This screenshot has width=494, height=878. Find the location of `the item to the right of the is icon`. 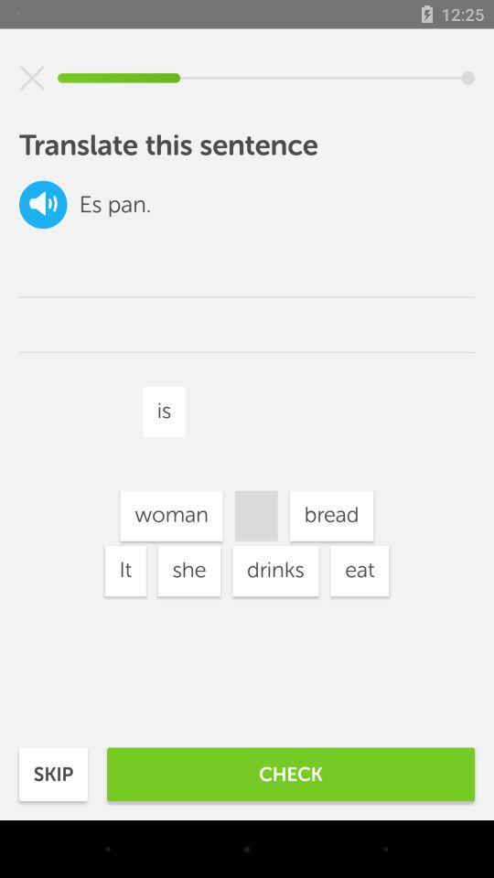

the item to the right of the is icon is located at coordinates (330, 516).